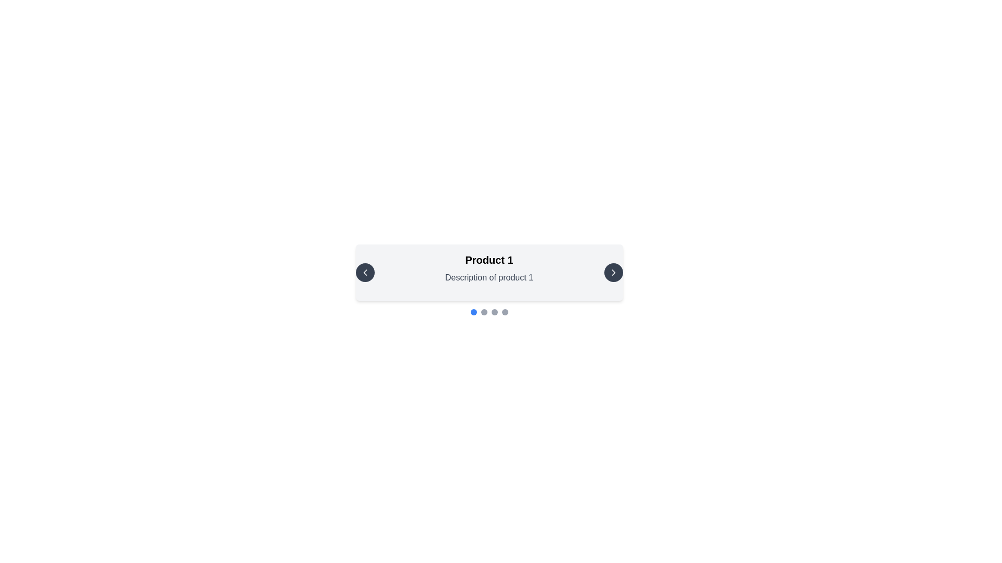 The width and height of the screenshot is (1002, 563). I want to click on the second dot indicator from the left in the navigation sequence below the product description, so click(483, 311).